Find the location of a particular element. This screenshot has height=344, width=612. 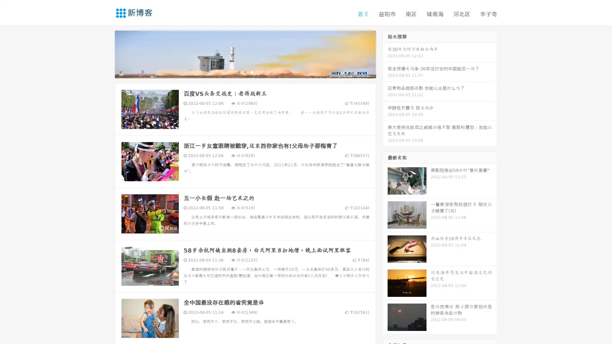

Go to slide 1 is located at coordinates (238, 72).